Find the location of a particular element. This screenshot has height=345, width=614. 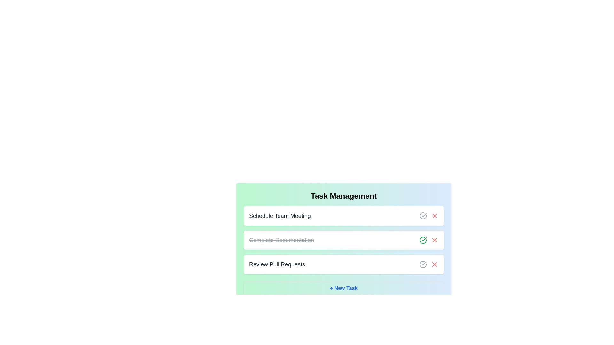

delete button for the task 'Schedule Team Meeting' is located at coordinates (434, 216).